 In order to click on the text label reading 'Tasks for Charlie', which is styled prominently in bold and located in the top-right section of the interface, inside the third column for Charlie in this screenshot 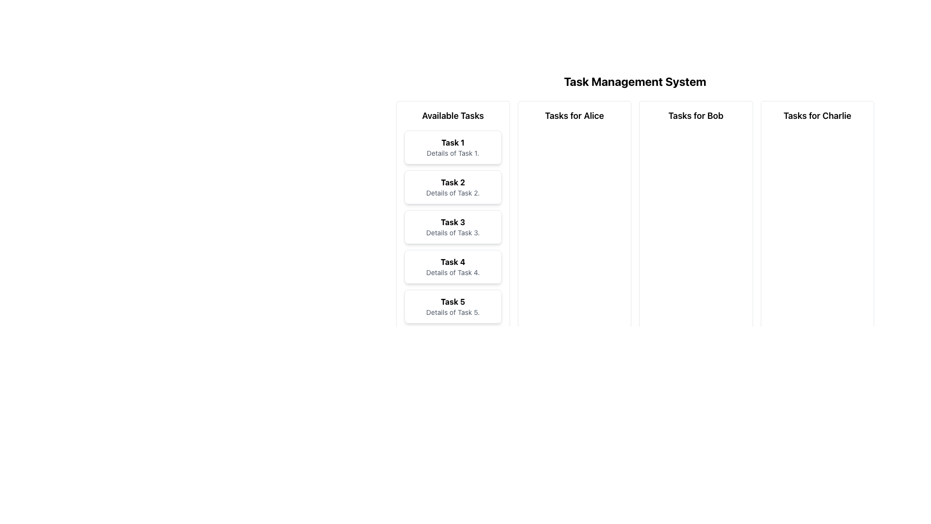, I will do `click(817, 115)`.